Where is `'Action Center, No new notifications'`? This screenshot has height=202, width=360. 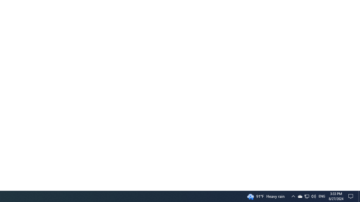
'Action Center, No new notifications' is located at coordinates (352, 196).